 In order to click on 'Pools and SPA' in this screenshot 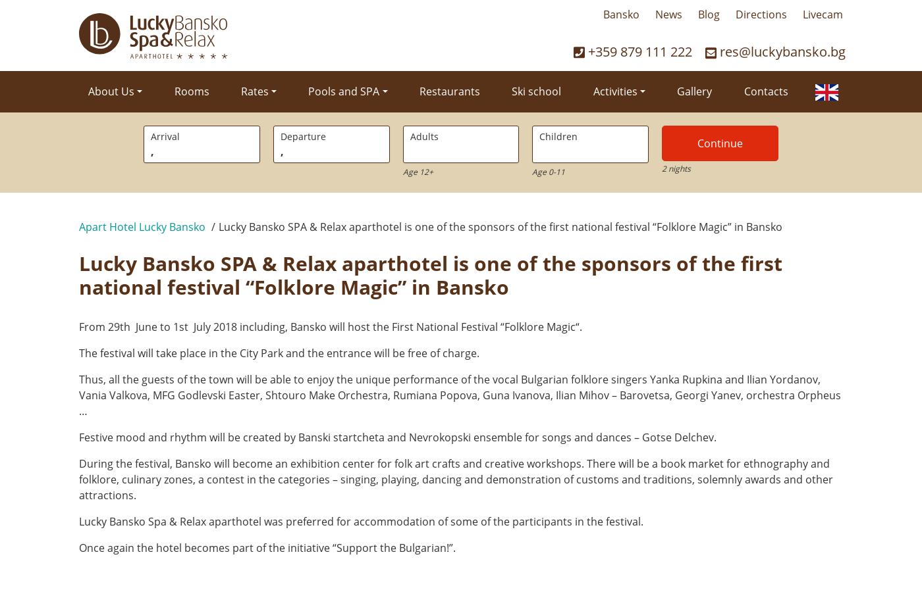, I will do `click(344, 91)`.